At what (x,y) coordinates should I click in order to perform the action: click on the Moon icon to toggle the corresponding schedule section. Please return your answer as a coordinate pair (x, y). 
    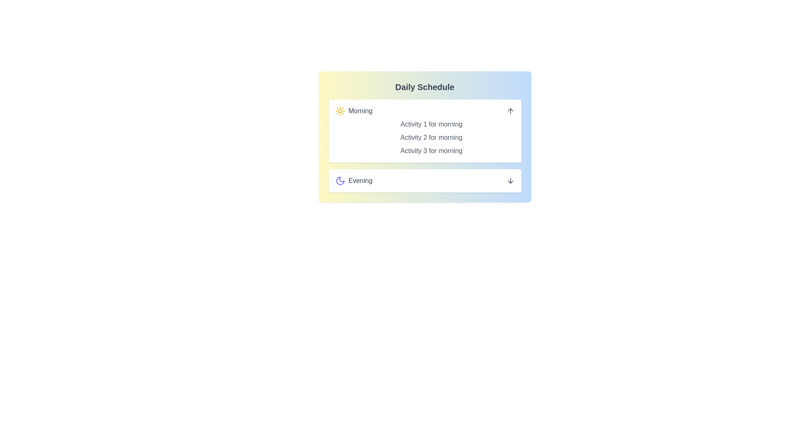
    Looking at the image, I should click on (340, 180).